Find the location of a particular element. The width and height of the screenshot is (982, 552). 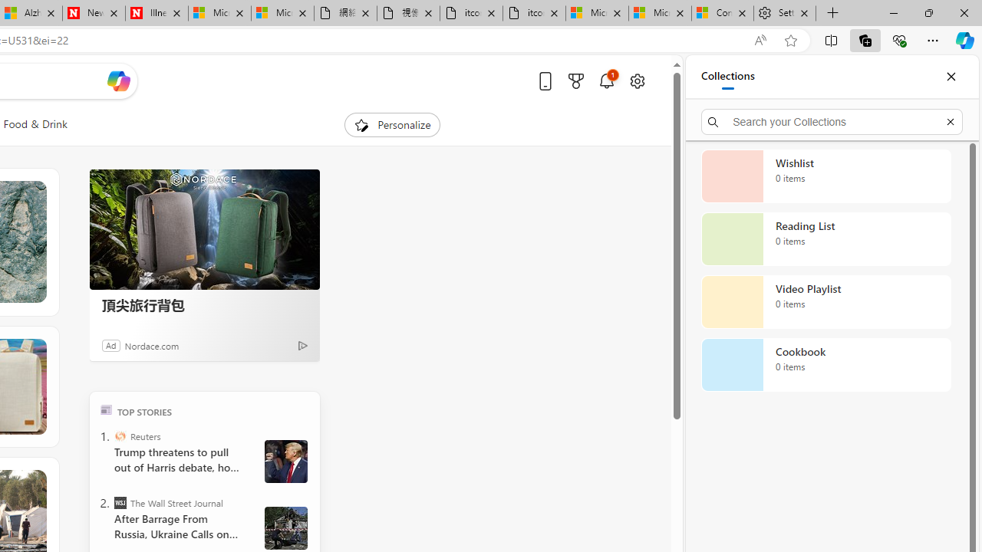

'itconcepthk.com/projector_solutions.mp4' is located at coordinates (534, 13).